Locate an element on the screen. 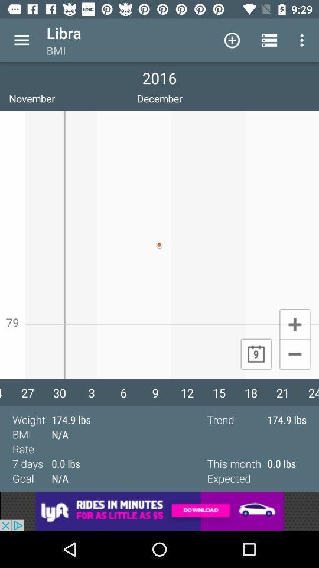 The width and height of the screenshot is (319, 568). the add icon is located at coordinates (294, 324).